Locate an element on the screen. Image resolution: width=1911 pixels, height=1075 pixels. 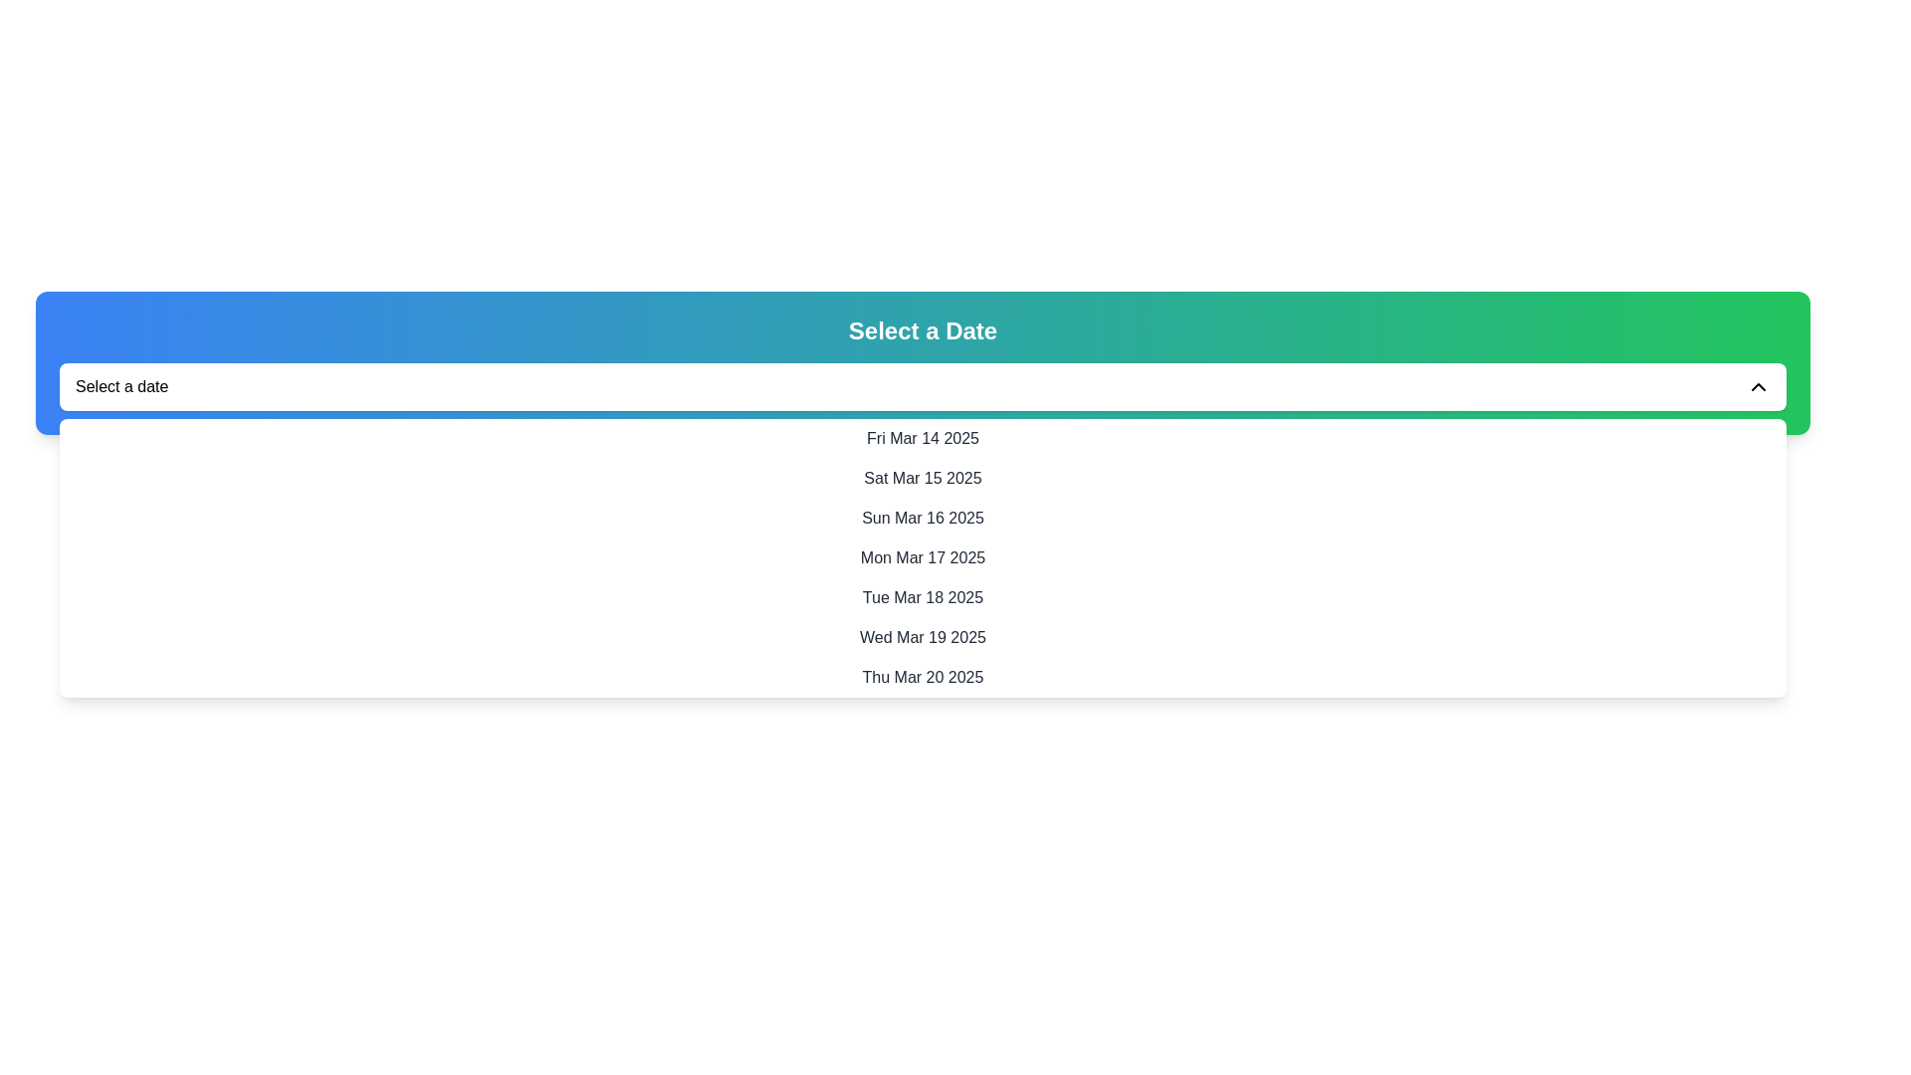
the first date entry in the dropdown menu, which represents 'Fri Mar 14 2025' is located at coordinates (922, 437).